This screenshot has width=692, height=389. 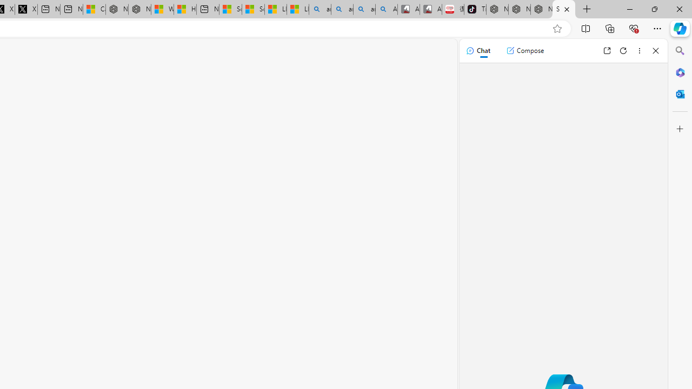 What do you see at coordinates (477, 50) in the screenshot?
I see `'Chat'` at bounding box center [477, 50].